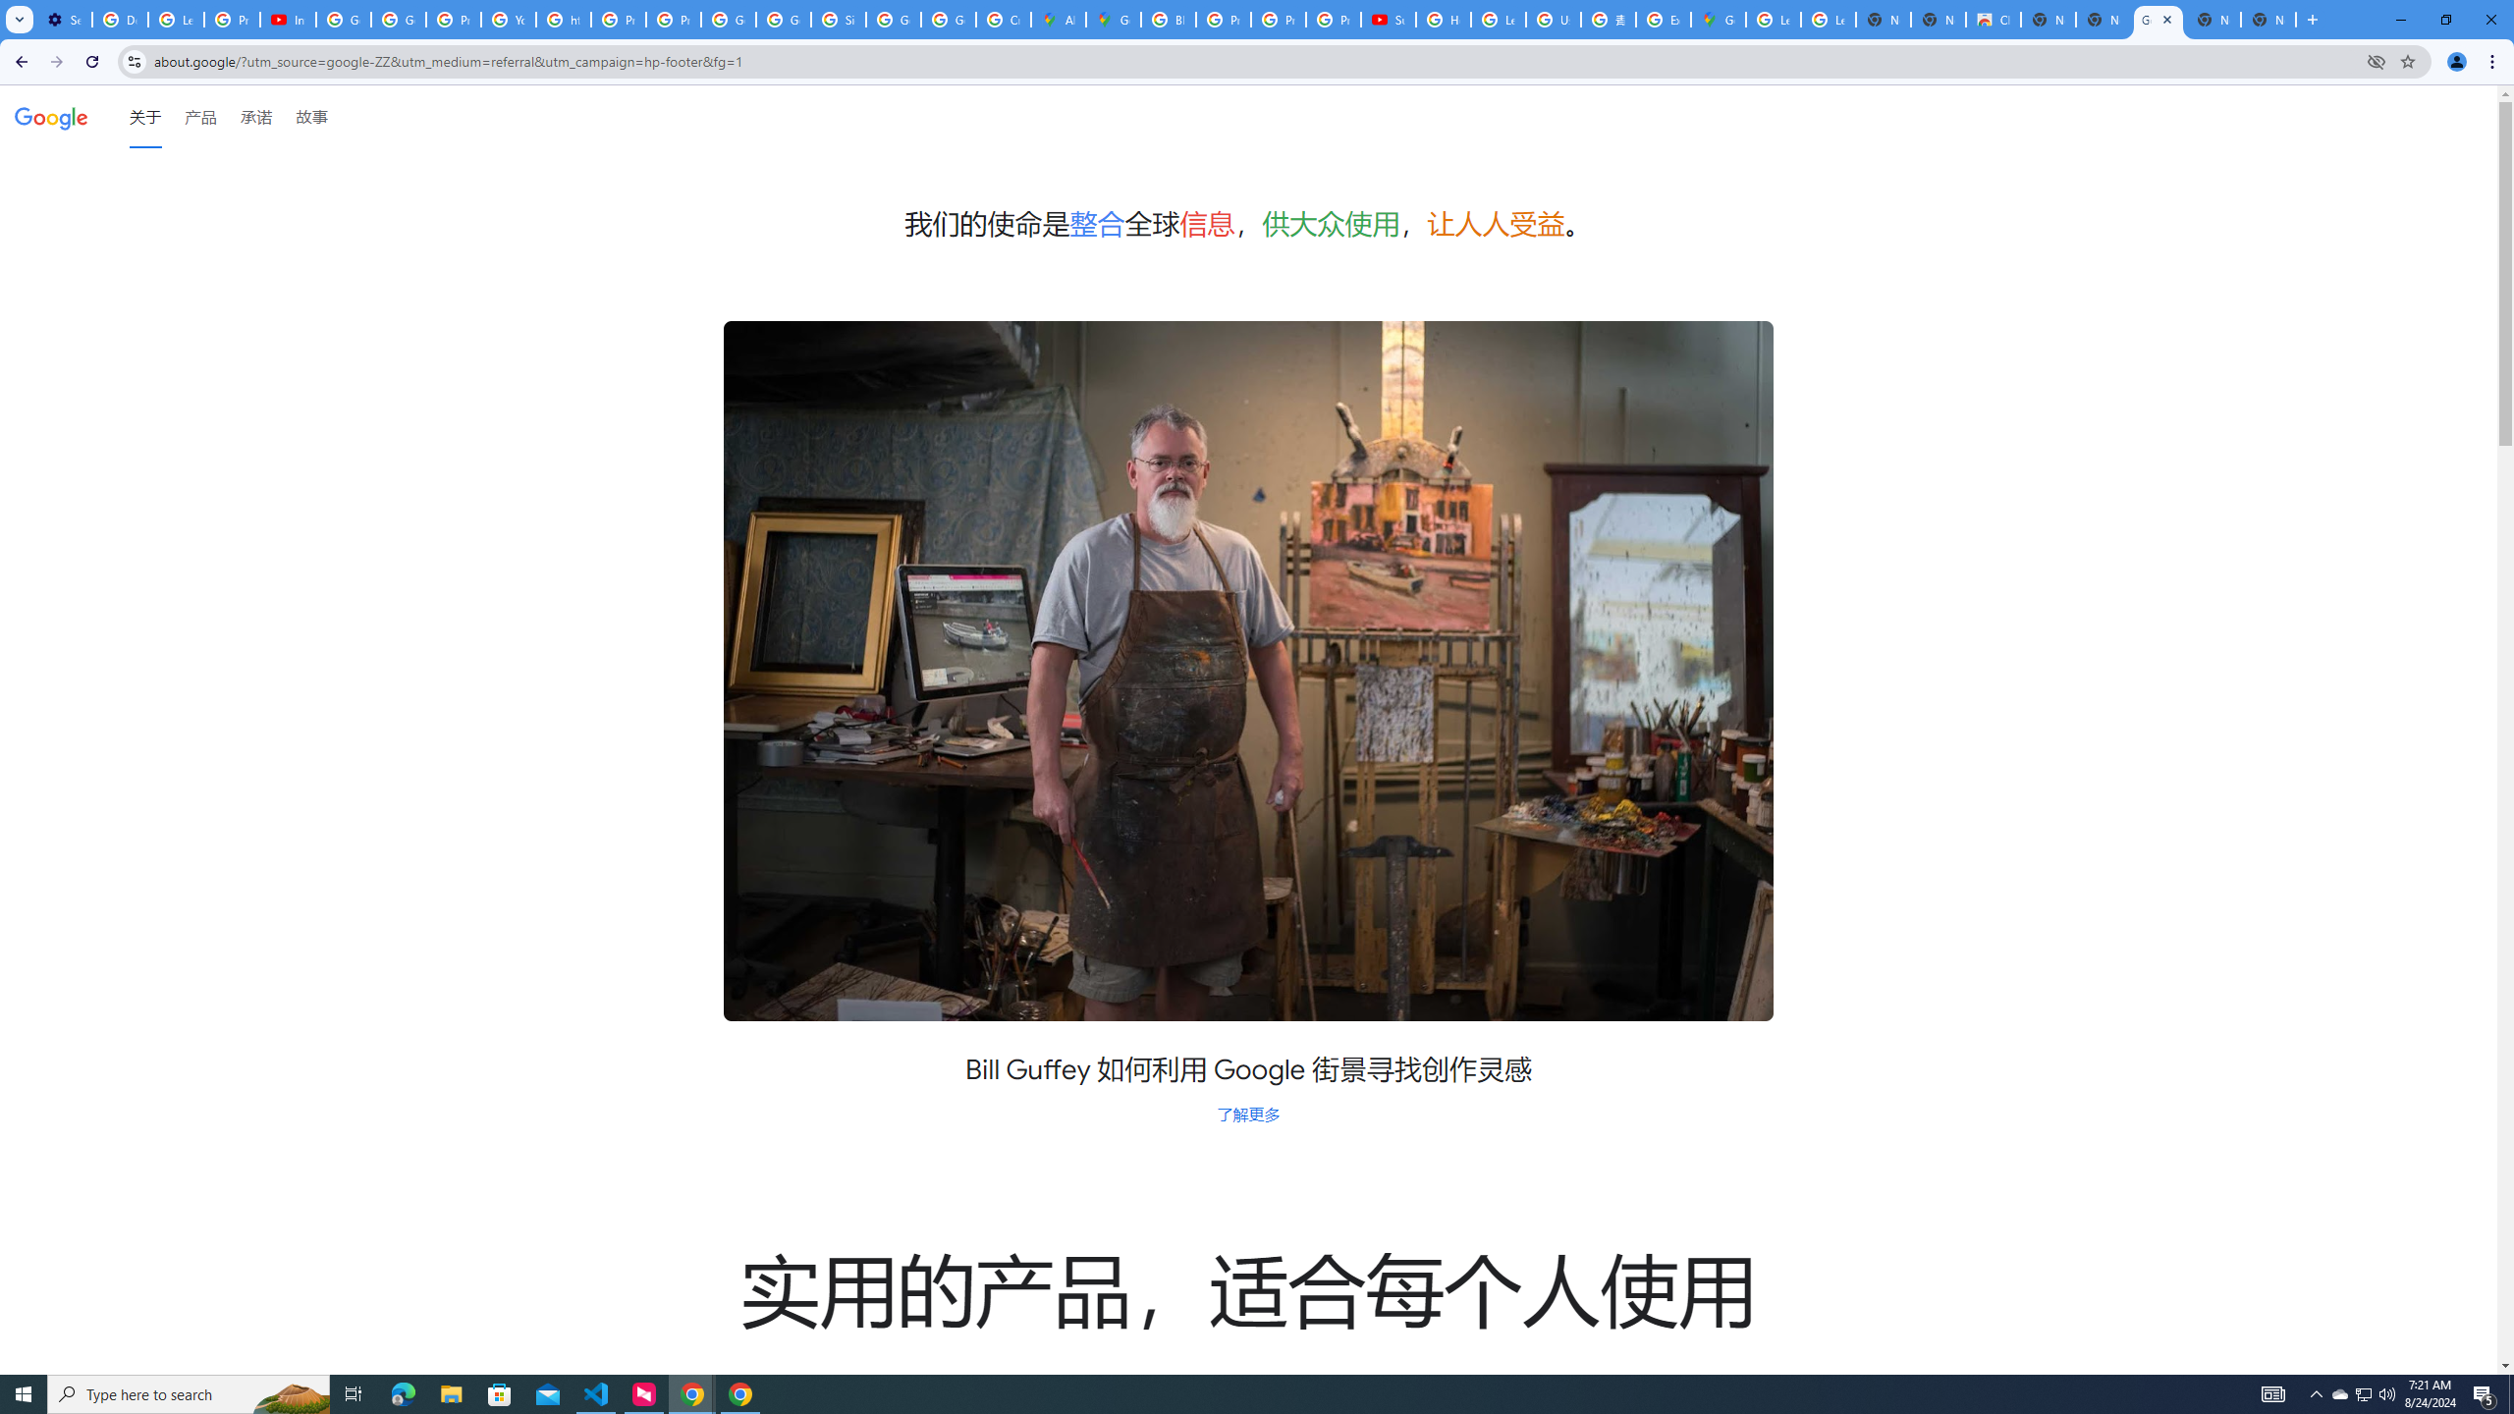 This screenshot has height=1414, width=2514. What do you see at coordinates (837, 19) in the screenshot?
I see `'Sign in - Google Accounts'` at bounding box center [837, 19].